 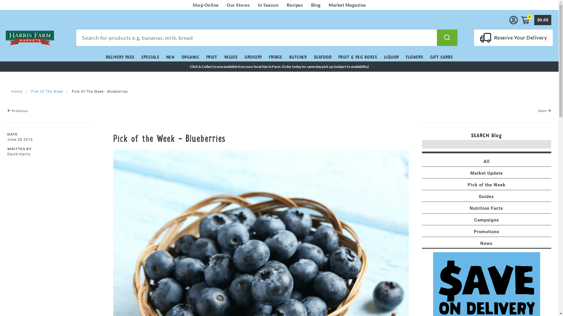 What do you see at coordinates (486, 231) in the screenshot?
I see `'Promotions'` at bounding box center [486, 231].